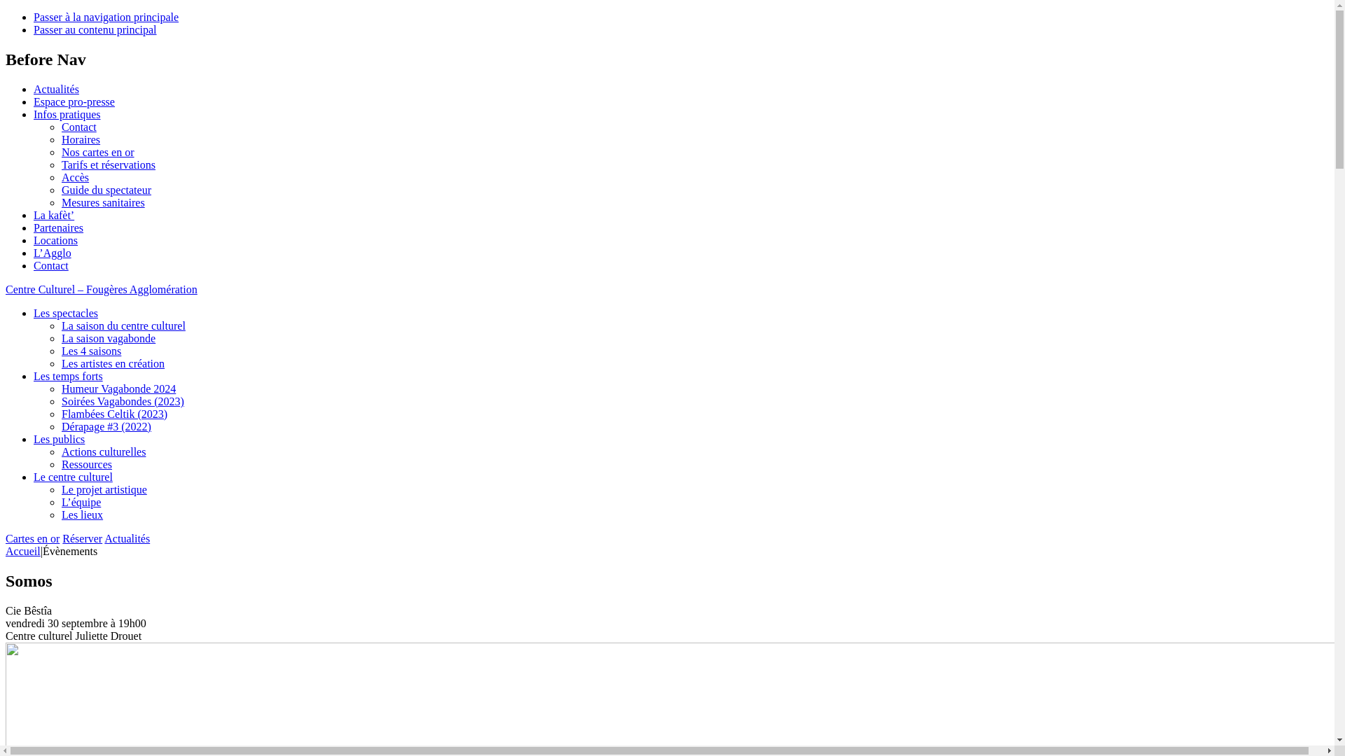 The width and height of the screenshot is (1345, 756). I want to click on 'Le centre culturel', so click(72, 476).